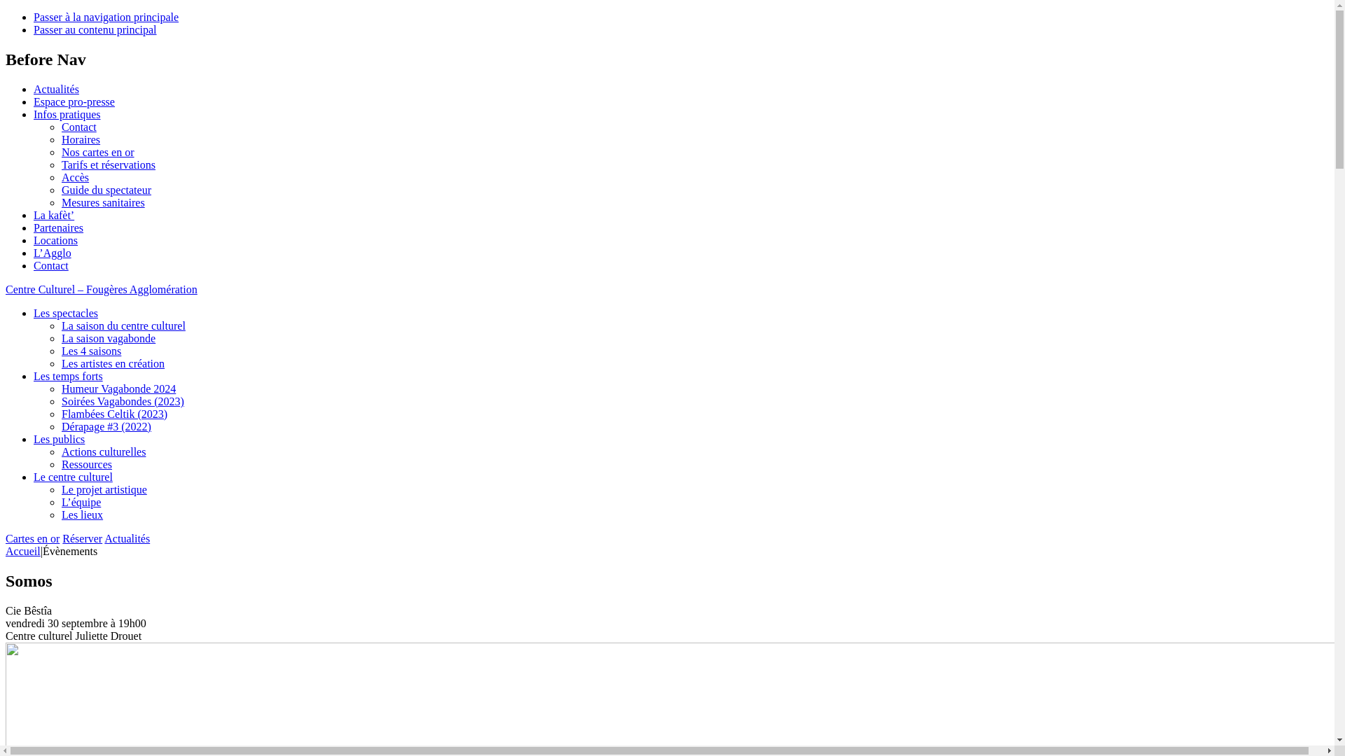 The width and height of the screenshot is (1345, 756). I want to click on 'Le centre culturel', so click(72, 476).